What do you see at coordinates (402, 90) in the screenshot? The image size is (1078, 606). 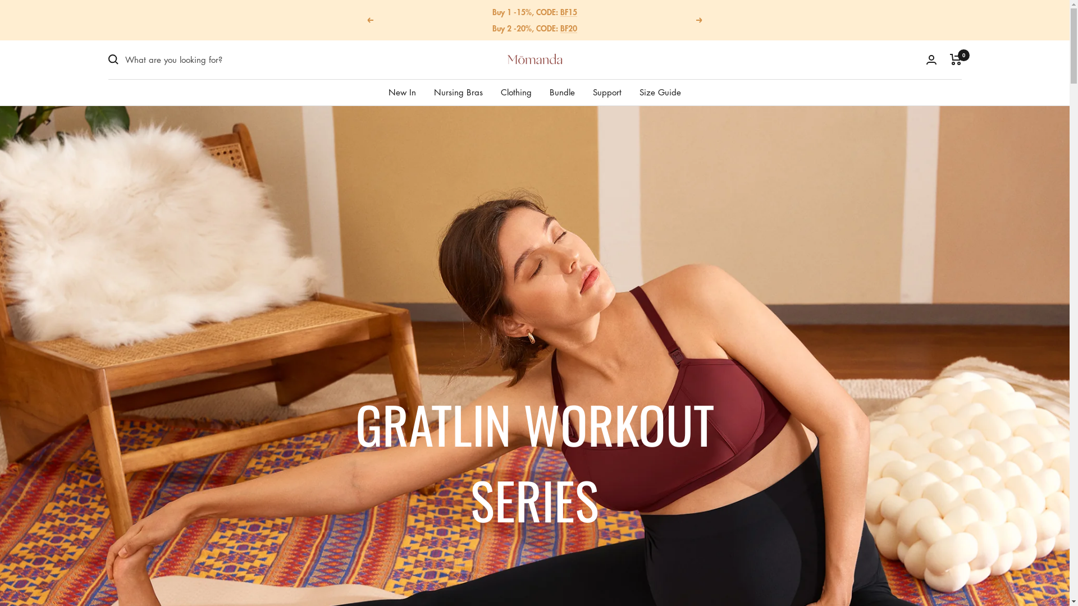 I see `'New In'` at bounding box center [402, 90].